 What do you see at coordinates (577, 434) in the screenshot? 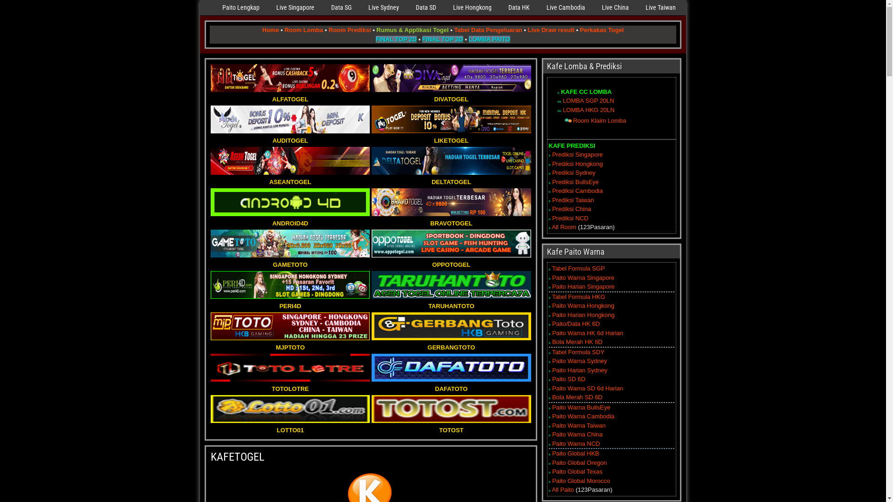
I see `'Paito Warna China'` at bounding box center [577, 434].